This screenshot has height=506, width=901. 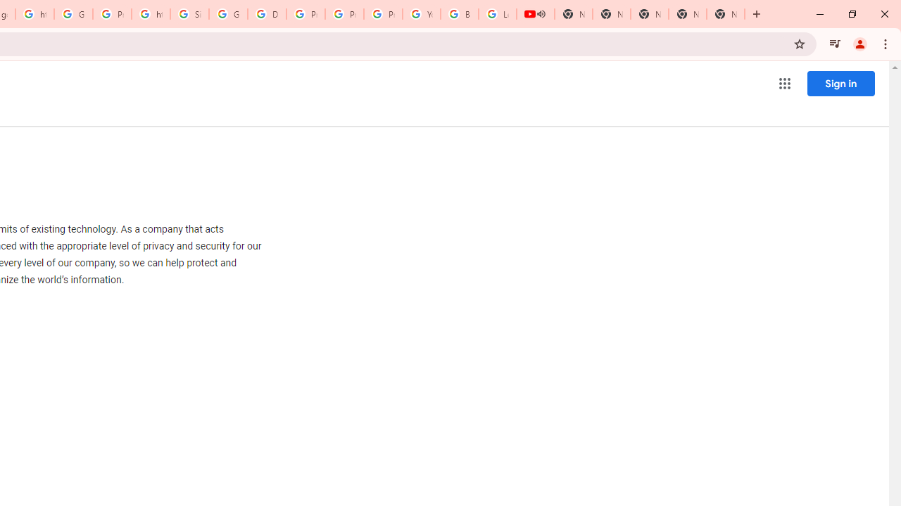 What do you see at coordinates (305, 14) in the screenshot?
I see `'Privacy Help Center - Policies Help'` at bounding box center [305, 14].